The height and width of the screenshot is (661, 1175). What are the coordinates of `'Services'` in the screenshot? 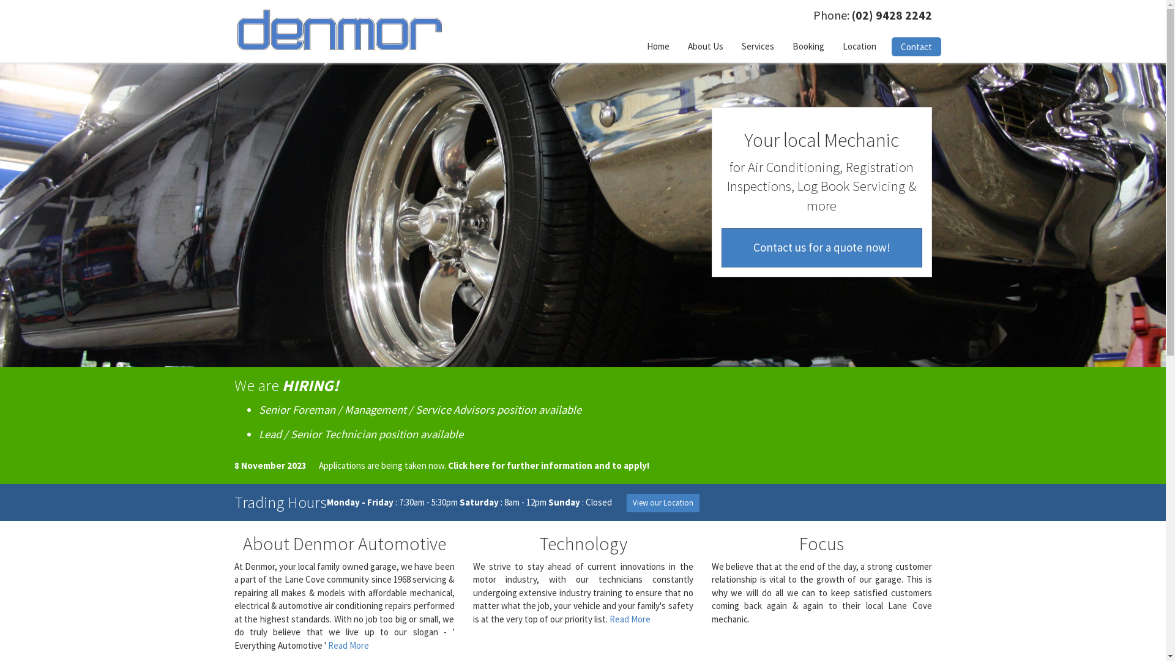 It's located at (756, 46).